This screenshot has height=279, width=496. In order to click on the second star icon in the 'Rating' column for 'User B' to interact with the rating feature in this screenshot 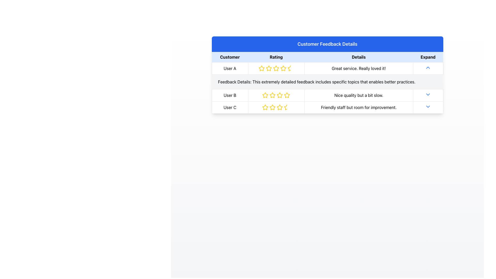, I will do `click(265, 95)`.